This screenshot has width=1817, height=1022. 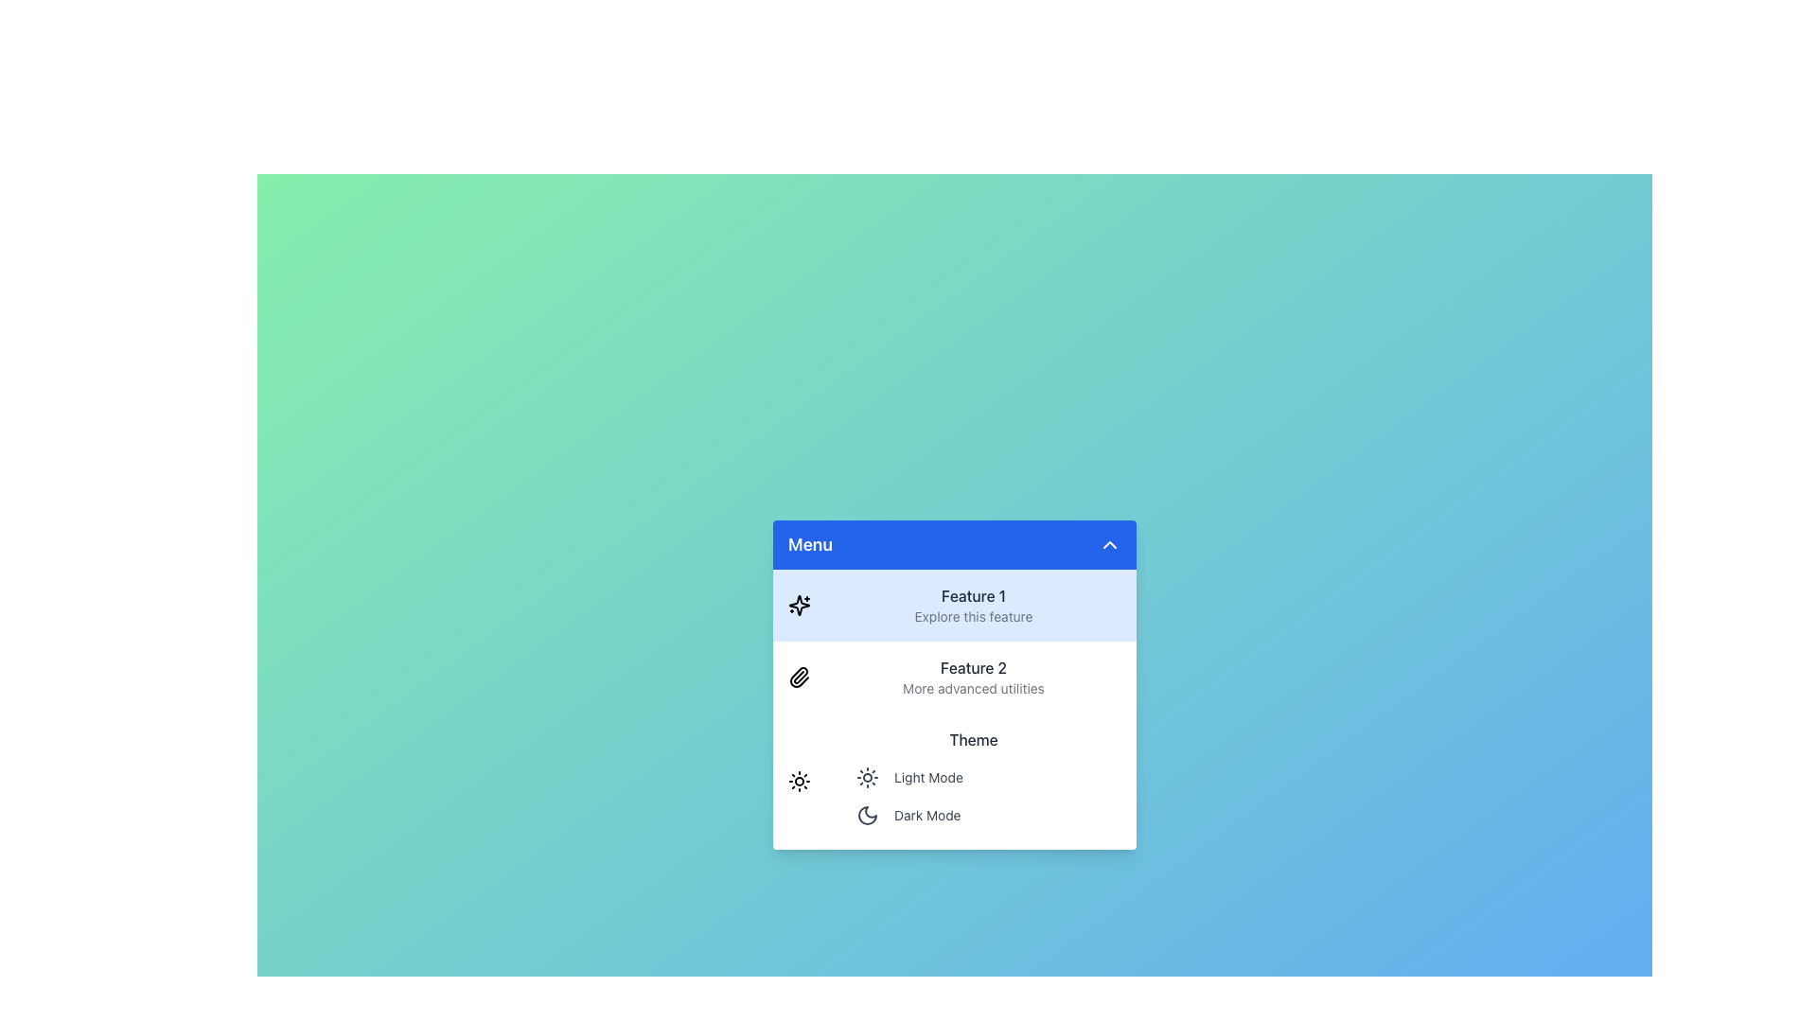 I want to click on the informational Text Block that provides an overview of 'Feature 1', located below the 'Menu' header and above 'Feature 2' and 'Theme' settings, so click(x=973, y=606).